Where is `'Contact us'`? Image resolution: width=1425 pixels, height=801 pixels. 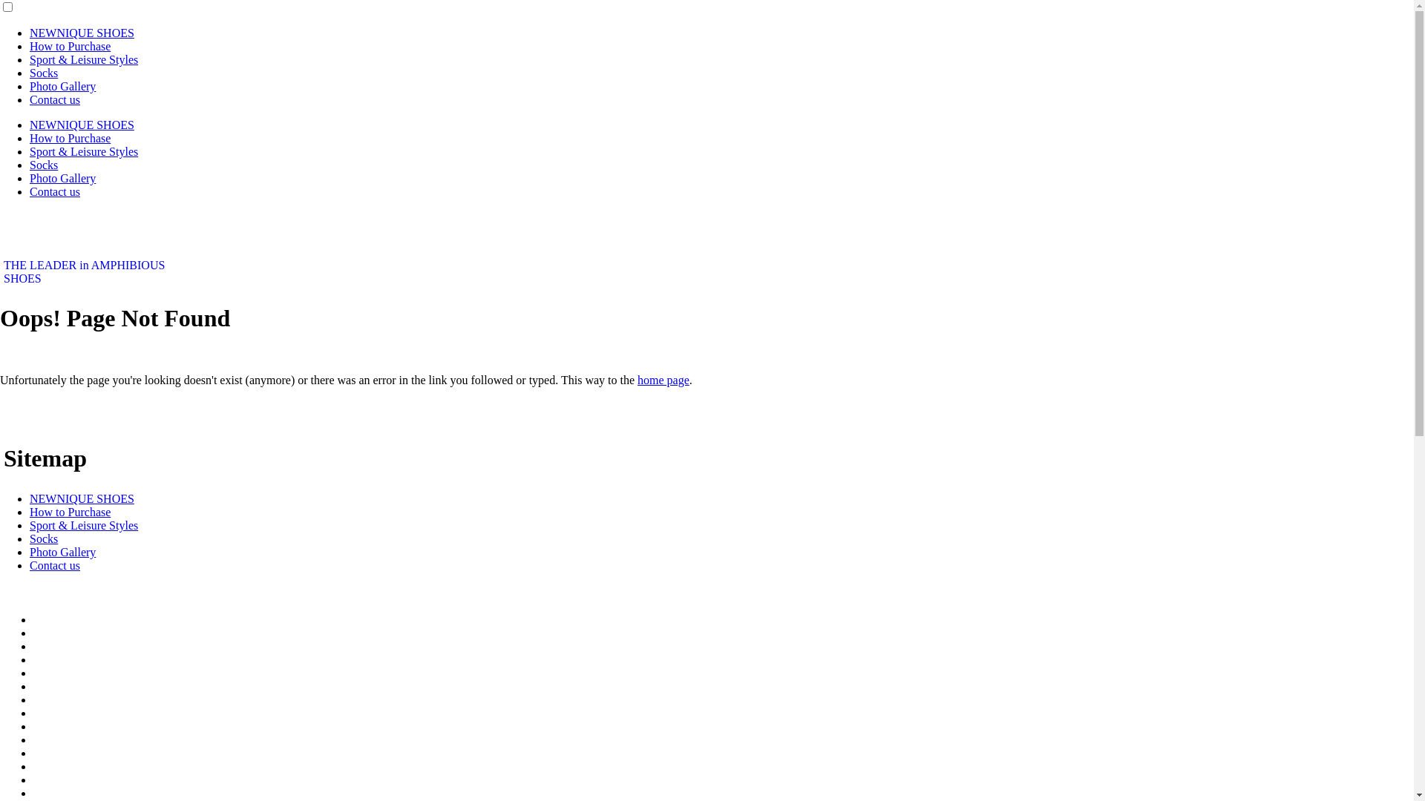
'Contact us' is located at coordinates (54, 191).